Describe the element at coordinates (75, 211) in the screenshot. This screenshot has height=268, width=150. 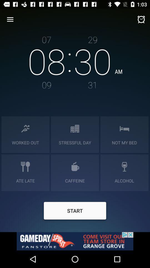
I see `start` at that location.